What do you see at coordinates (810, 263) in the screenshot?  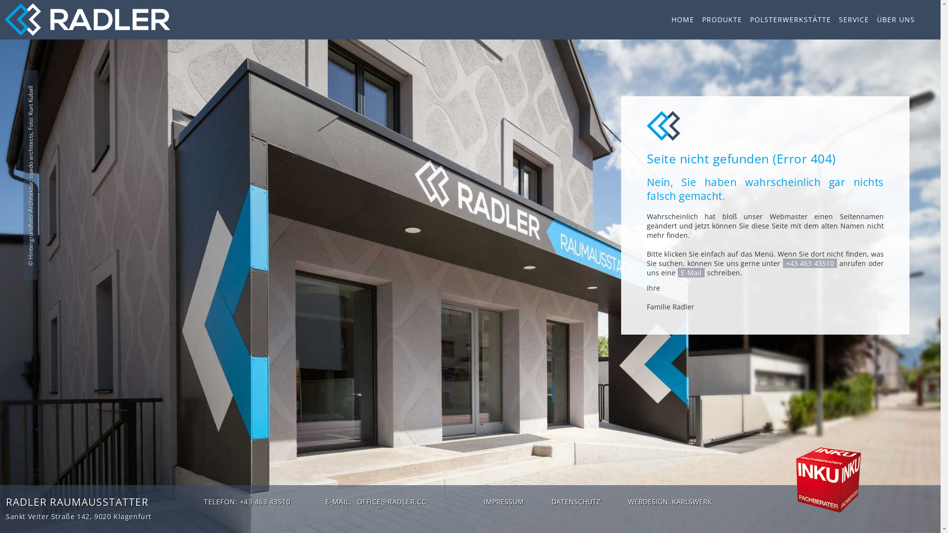 I see `'+43 463 43510'` at bounding box center [810, 263].